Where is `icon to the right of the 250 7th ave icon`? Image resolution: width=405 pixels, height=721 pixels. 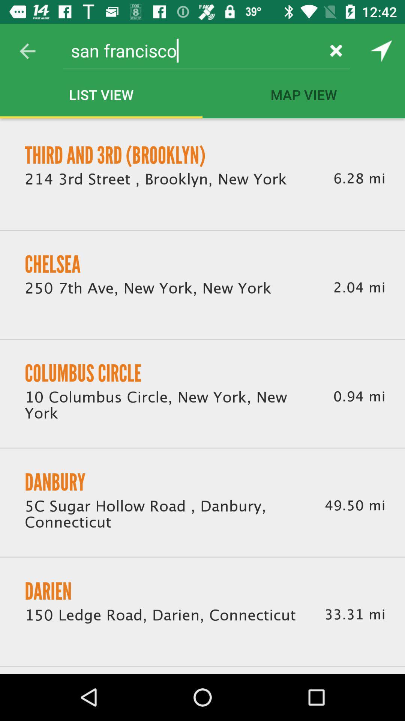
icon to the right of the 250 7th ave icon is located at coordinates (359, 287).